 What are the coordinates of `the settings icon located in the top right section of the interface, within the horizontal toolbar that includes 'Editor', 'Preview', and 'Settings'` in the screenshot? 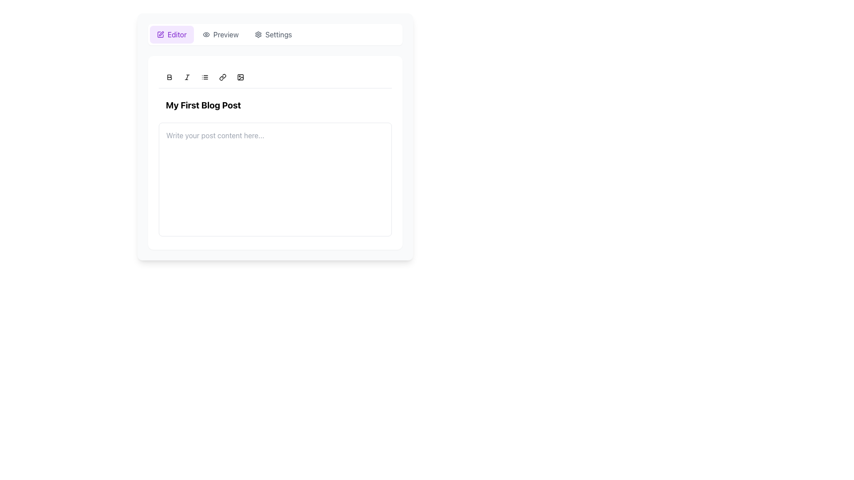 It's located at (258, 34).